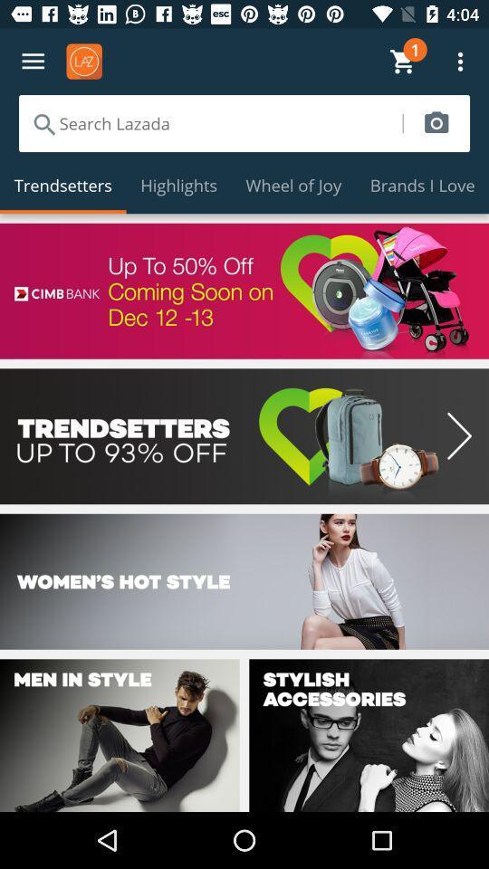 The image size is (489, 869). I want to click on open drop-down menu, so click(33, 62).